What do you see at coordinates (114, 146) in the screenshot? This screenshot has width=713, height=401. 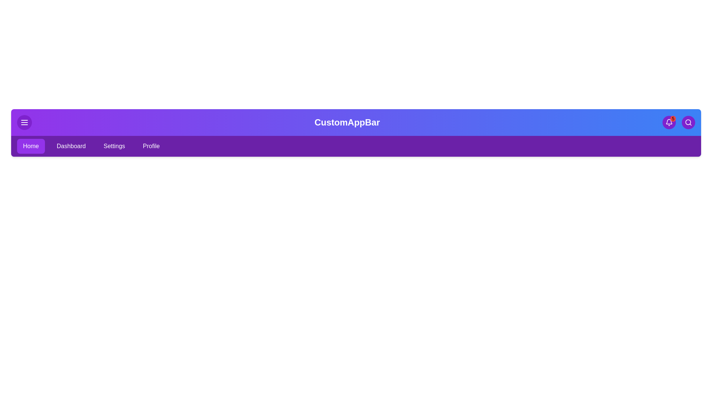 I see `the Settings tab from the navigation bar` at bounding box center [114, 146].